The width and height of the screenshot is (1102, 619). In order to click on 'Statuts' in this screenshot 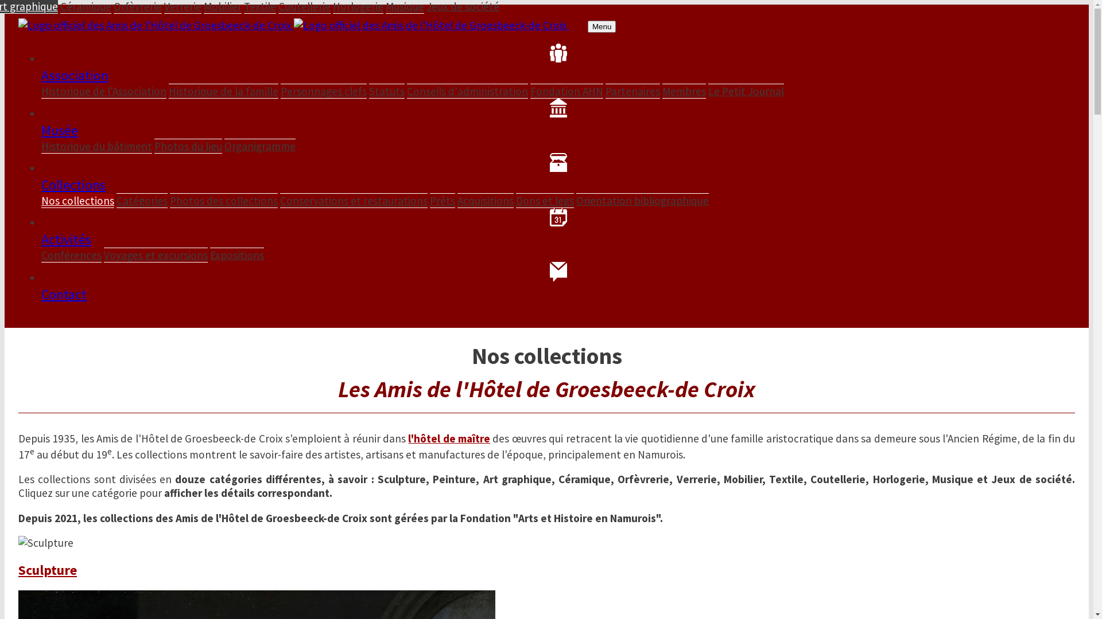, I will do `click(369, 90)`.